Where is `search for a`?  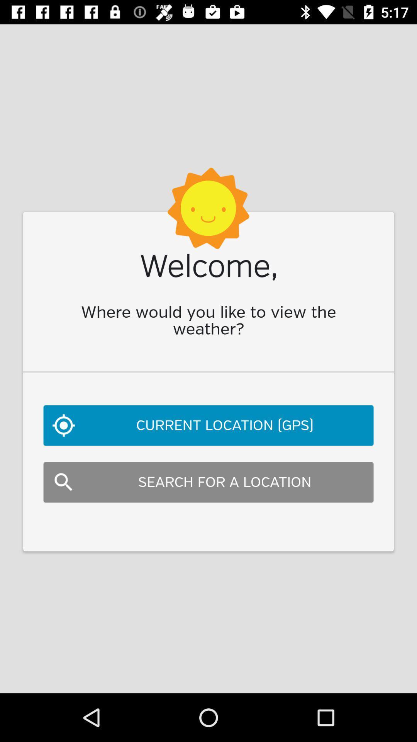
search for a is located at coordinates (208, 482).